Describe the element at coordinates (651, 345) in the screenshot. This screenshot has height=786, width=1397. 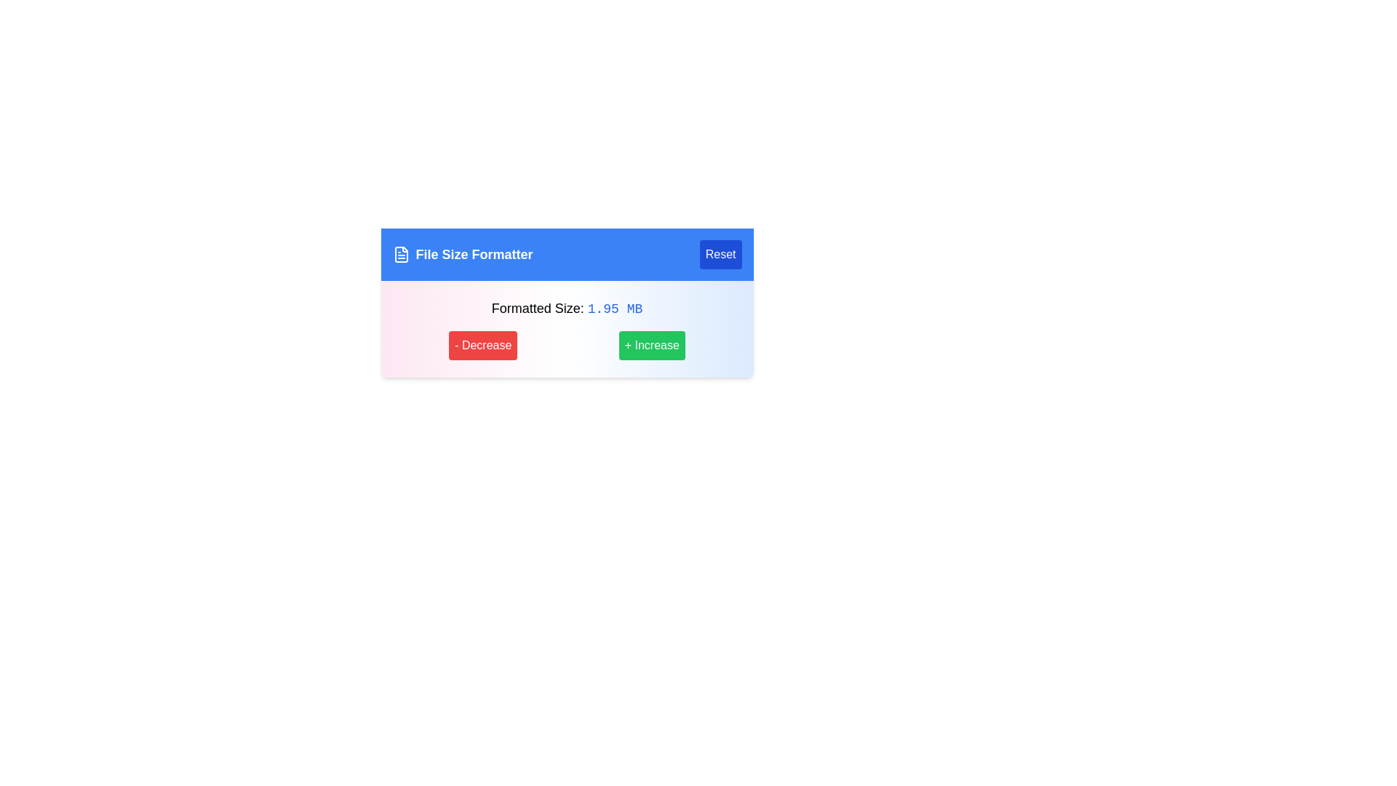
I see `the green button labeled '+ Increase'` at that location.